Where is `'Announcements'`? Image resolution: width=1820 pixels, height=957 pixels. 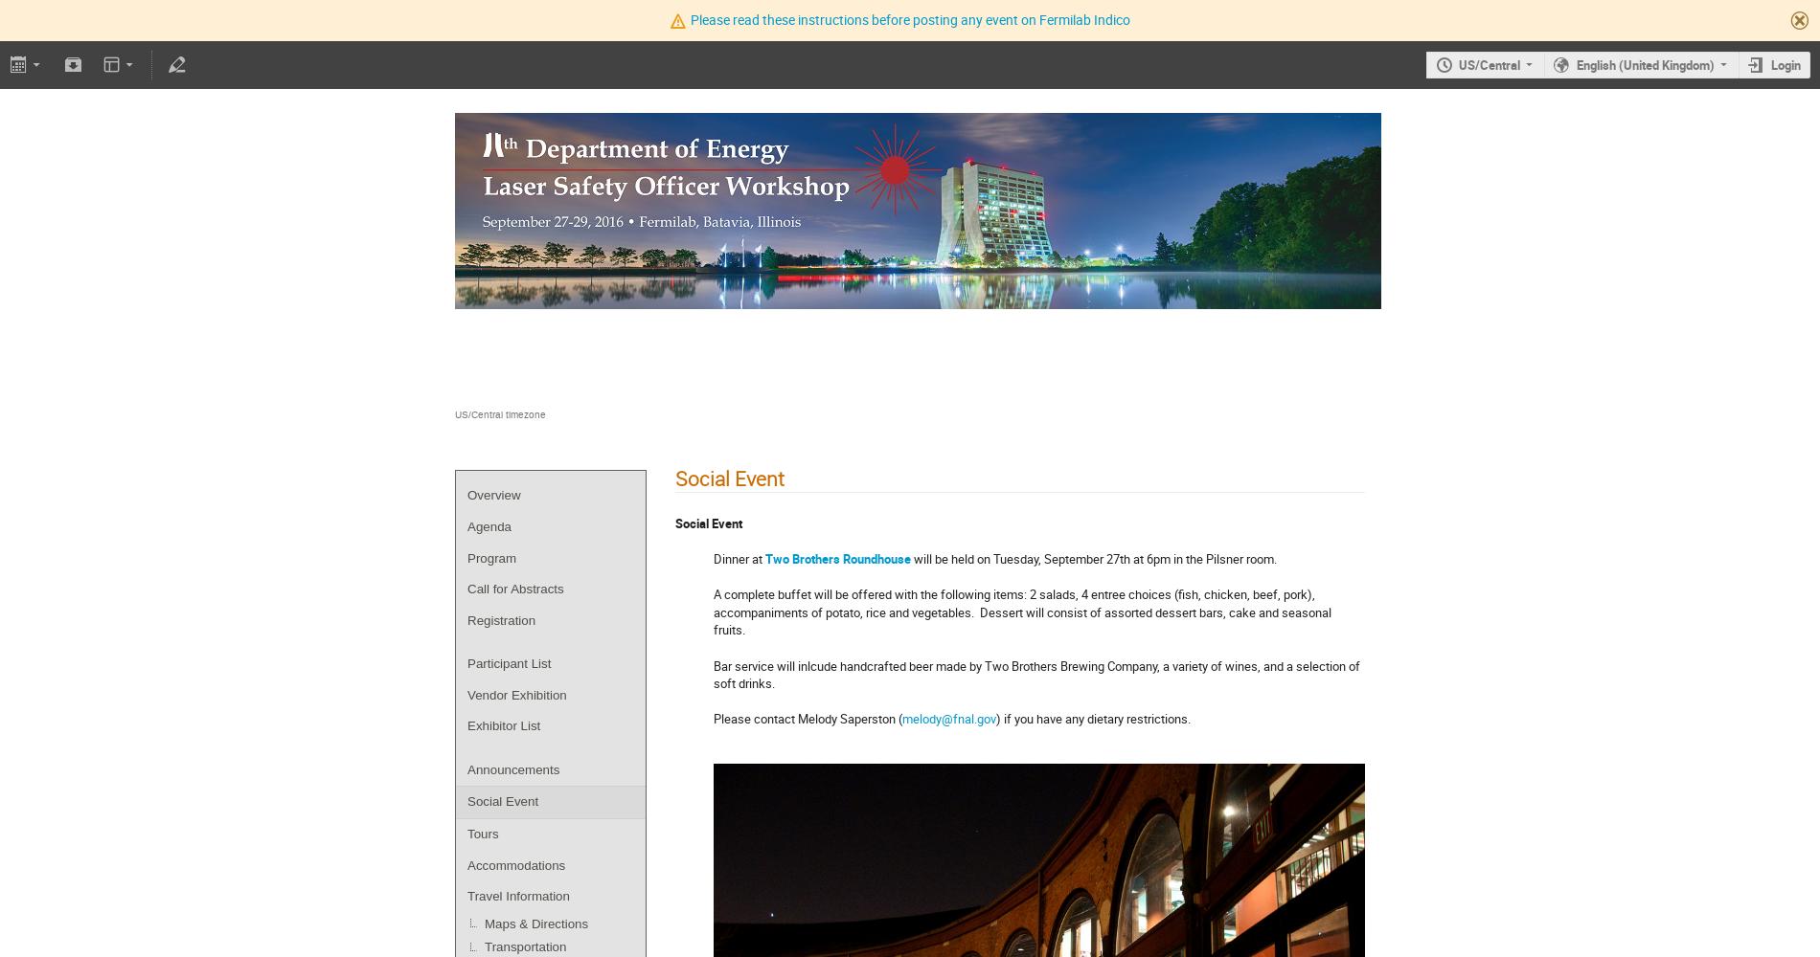 'Announcements' is located at coordinates (512, 768).